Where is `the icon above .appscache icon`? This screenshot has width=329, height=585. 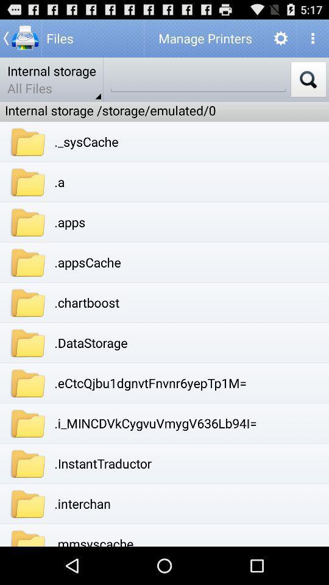 the icon above .appscache icon is located at coordinates (69, 221).